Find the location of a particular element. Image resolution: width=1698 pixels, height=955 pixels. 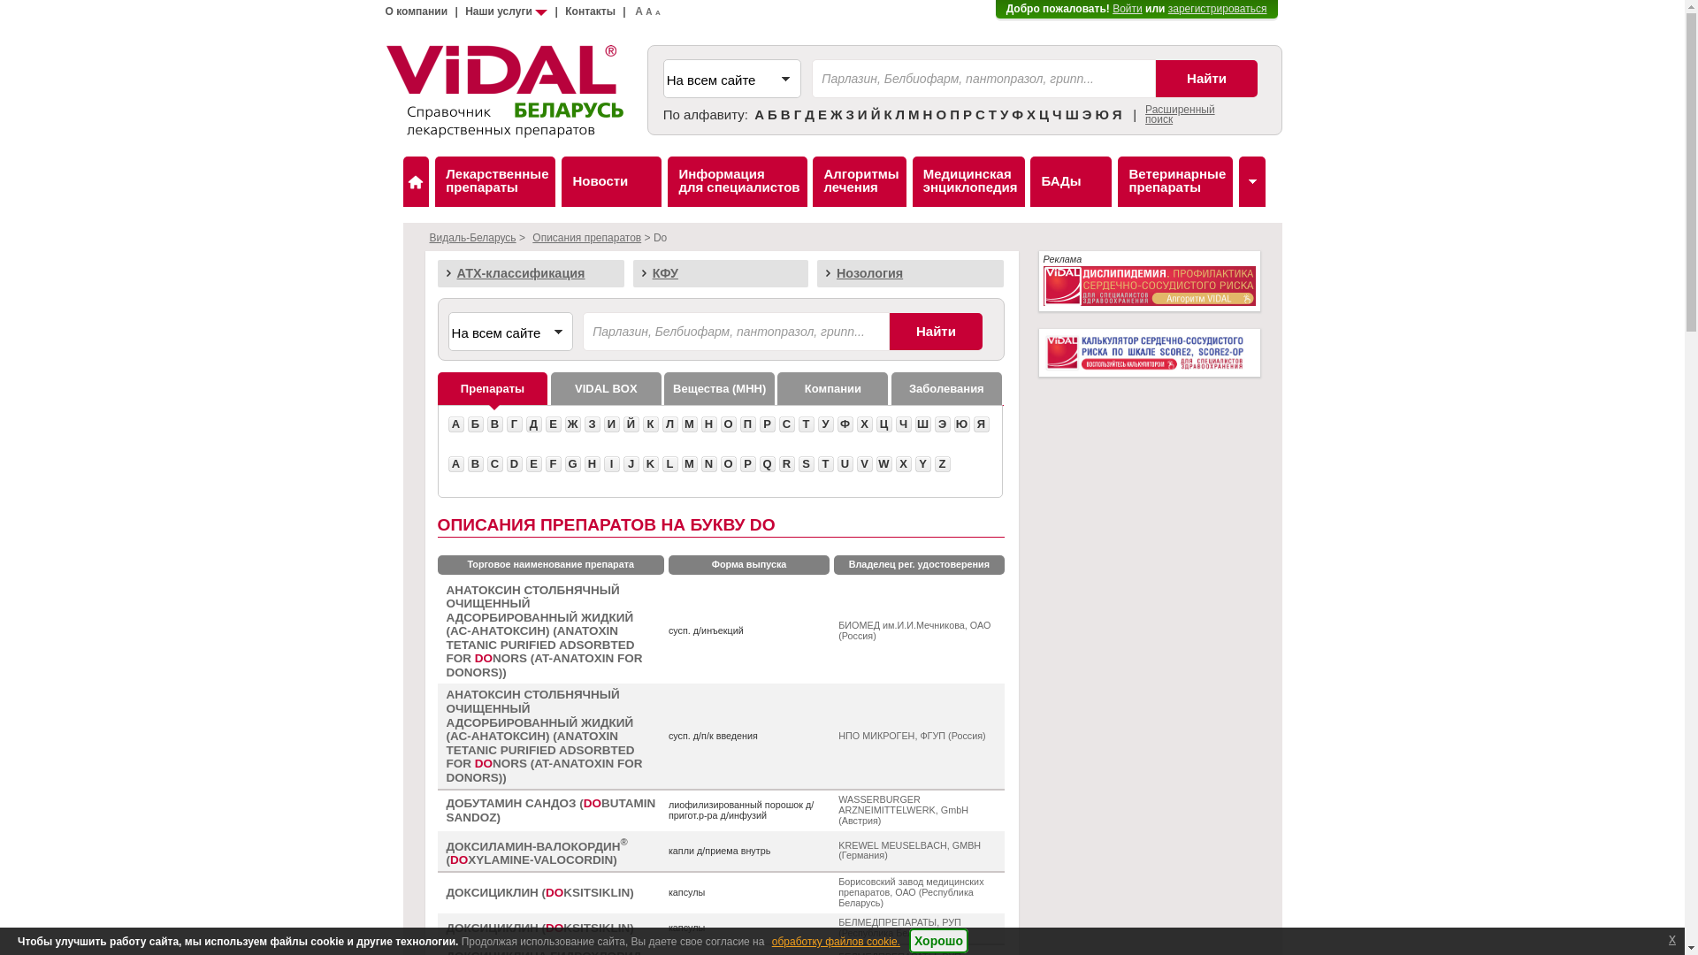

'J' is located at coordinates (631, 462).